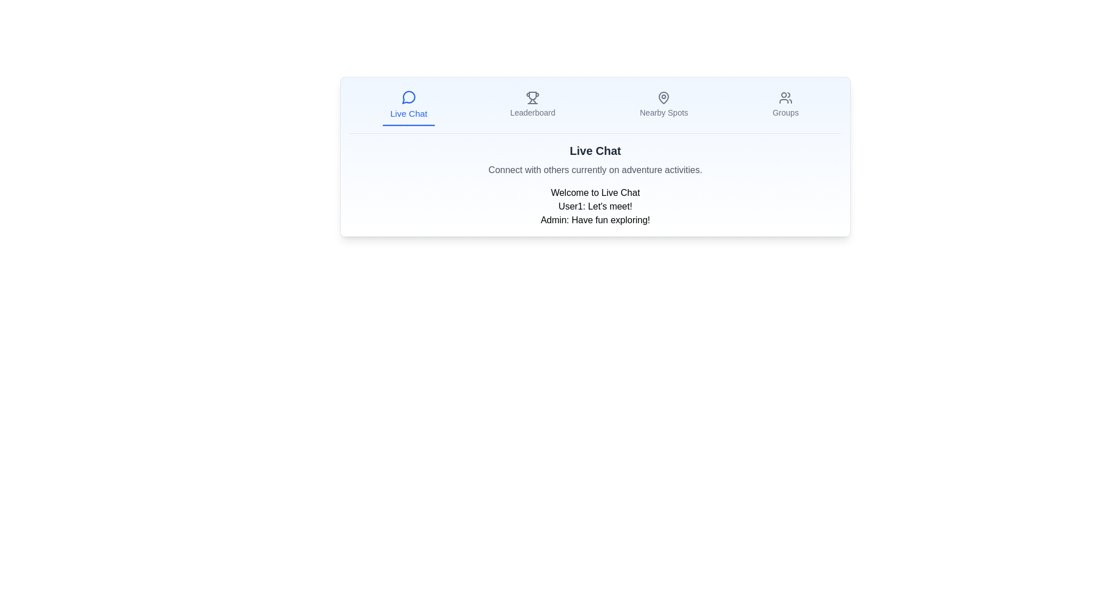  What do you see at coordinates (532, 112) in the screenshot?
I see `'Leaderboard' static text label located in the top navigation bar, positioned between 'Live Chat' and 'Nearby Spots'` at bounding box center [532, 112].